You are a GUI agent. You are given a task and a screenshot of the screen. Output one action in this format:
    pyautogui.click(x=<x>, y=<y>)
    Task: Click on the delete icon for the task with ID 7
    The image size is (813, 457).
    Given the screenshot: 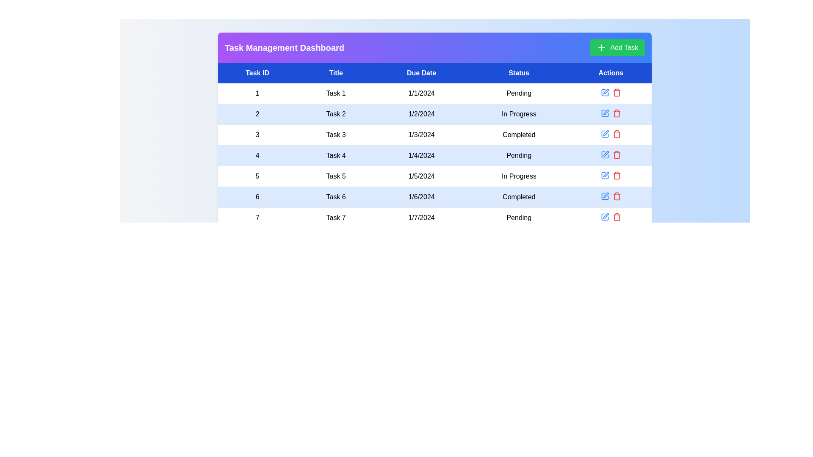 What is the action you would take?
    pyautogui.click(x=617, y=217)
    